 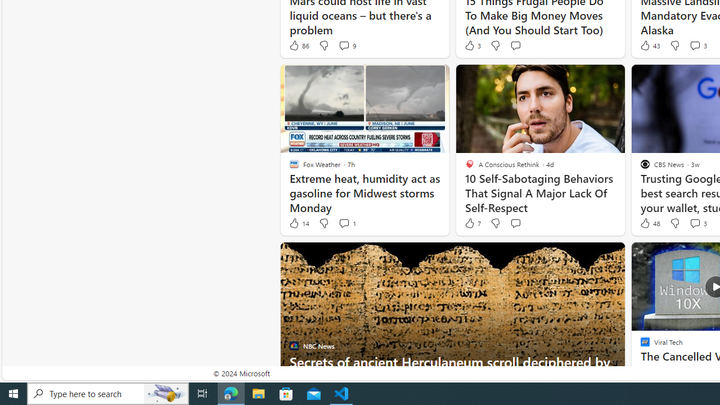 I want to click on '86 Like', so click(x=299, y=45).